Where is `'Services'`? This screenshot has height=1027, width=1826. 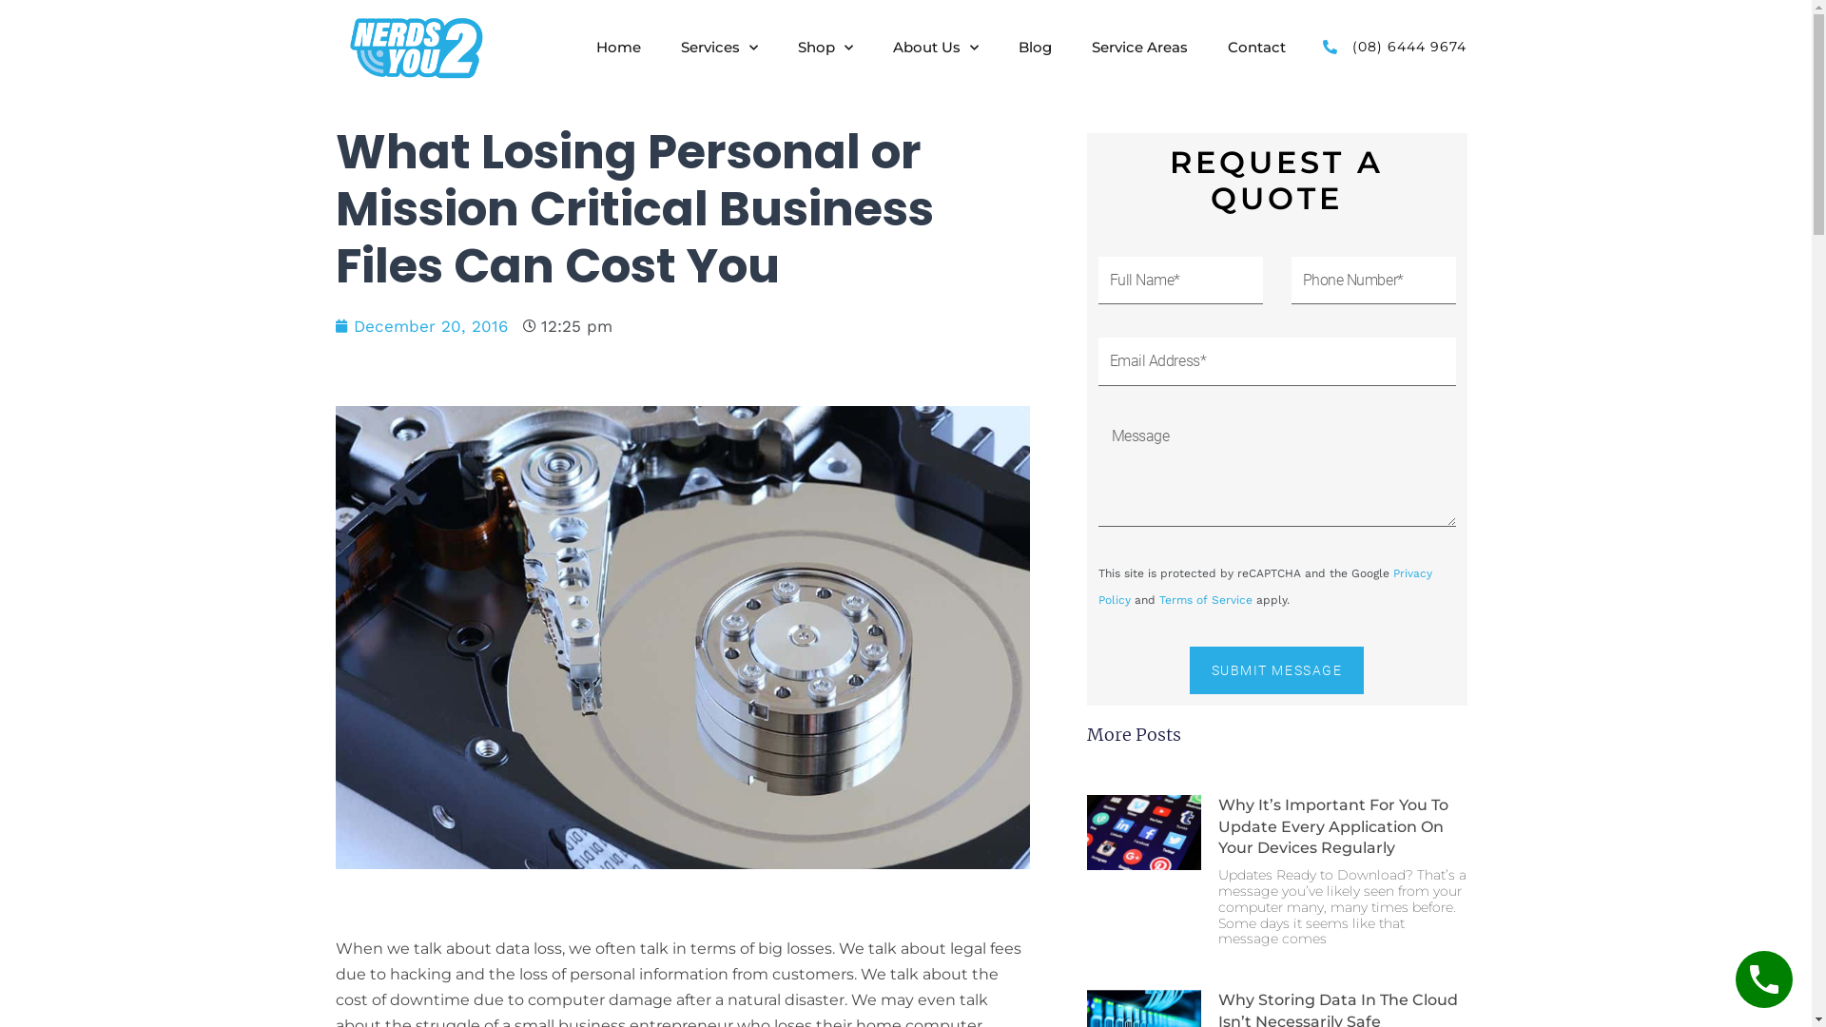 'Services' is located at coordinates (718, 47).